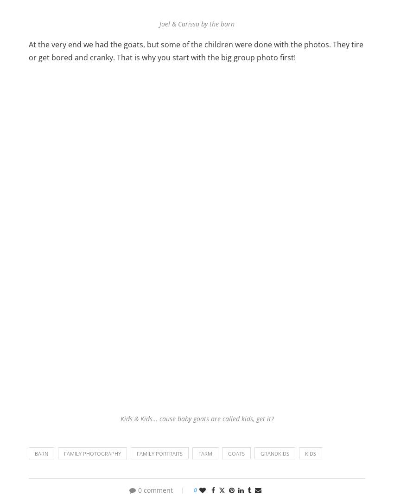 Image resolution: width=394 pixels, height=496 pixels. I want to click on 'barn', so click(41, 453).